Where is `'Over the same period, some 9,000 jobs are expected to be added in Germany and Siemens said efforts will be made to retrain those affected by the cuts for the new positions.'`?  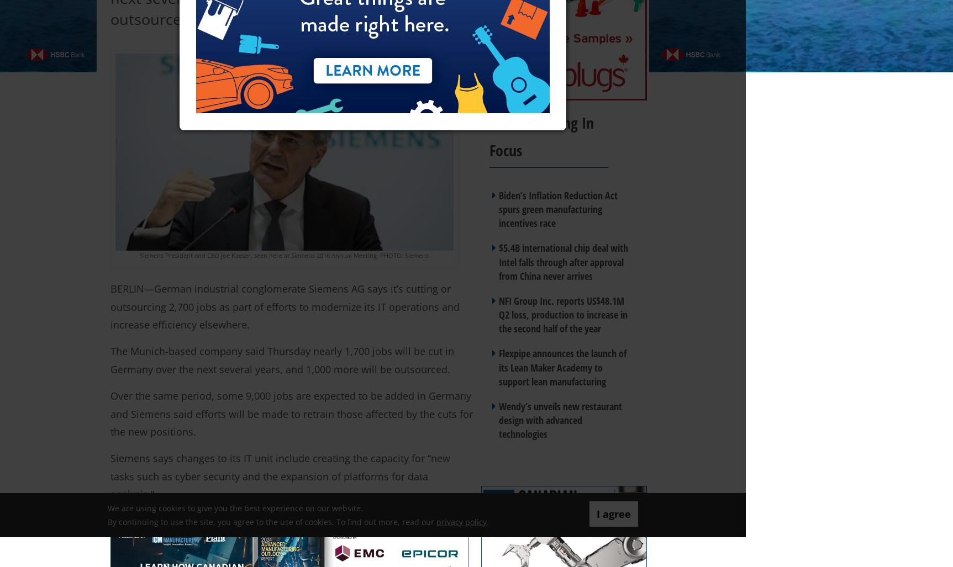 'Over the same period, some 9,000 jobs are expected to be added in Germany and Siemens said efforts will be made to retrain those affected by the cuts for the new positions.' is located at coordinates (292, 412).